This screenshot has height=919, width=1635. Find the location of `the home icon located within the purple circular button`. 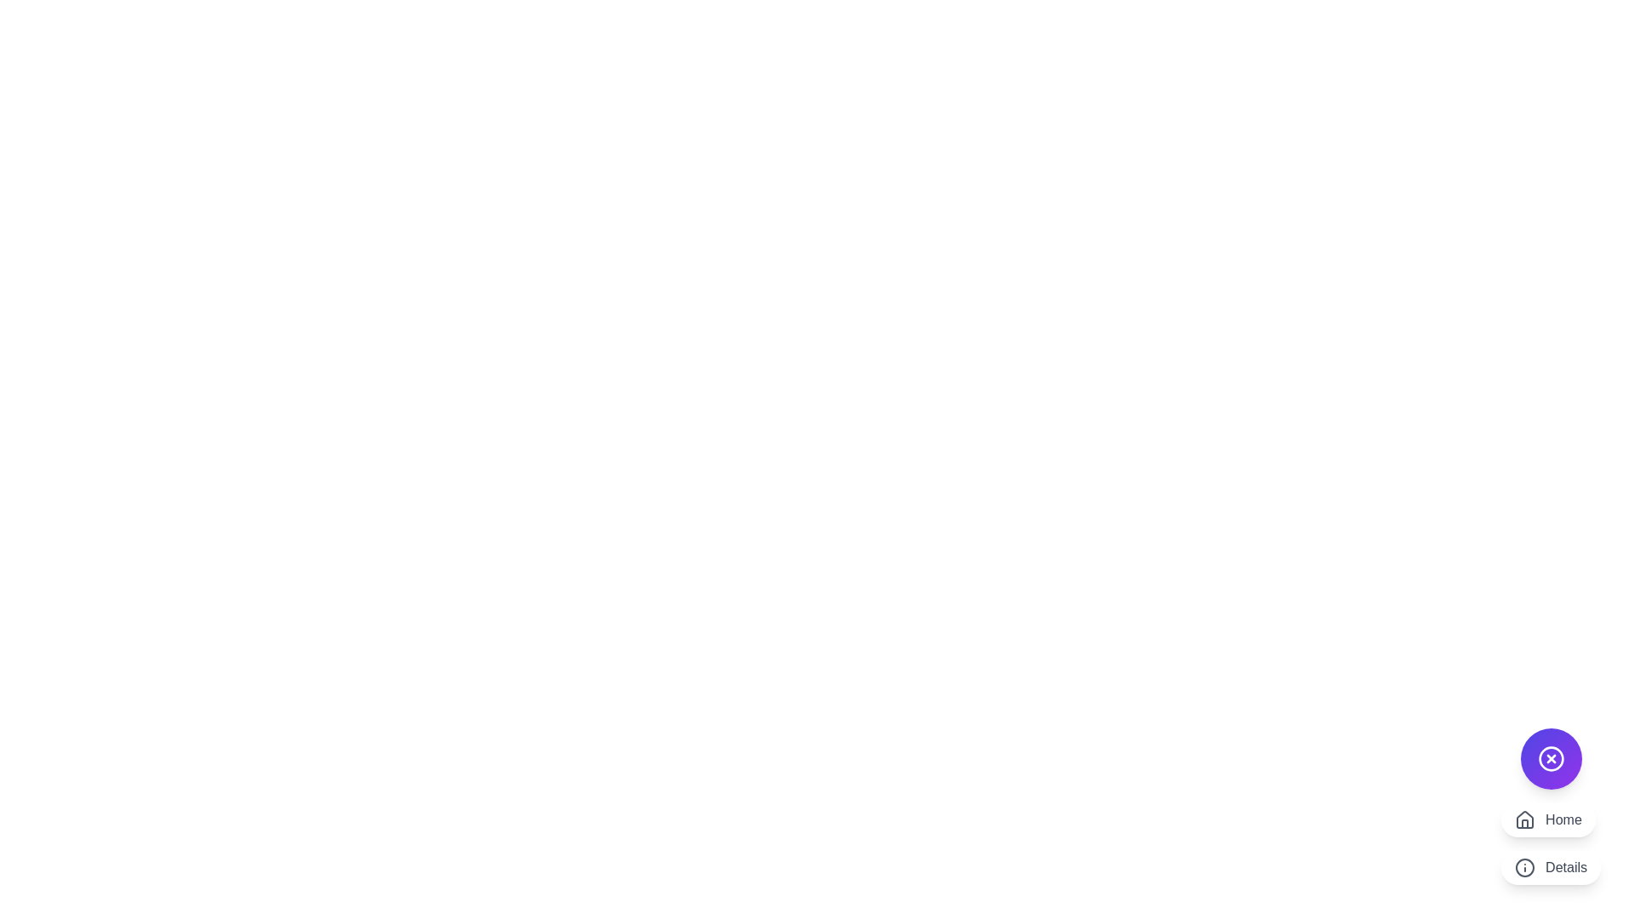

the home icon located within the purple circular button is located at coordinates (1525, 823).